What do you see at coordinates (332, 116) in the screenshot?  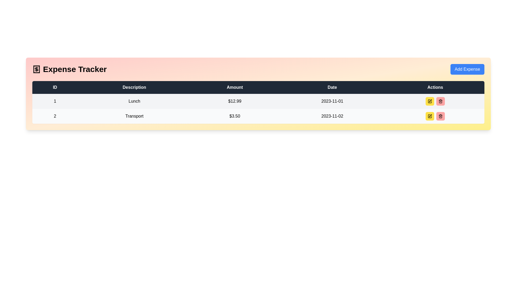 I see `the text display element showing the date '2023-11-02' located in the last column under the 'Date' heading of the table` at bounding box center [332, 116].